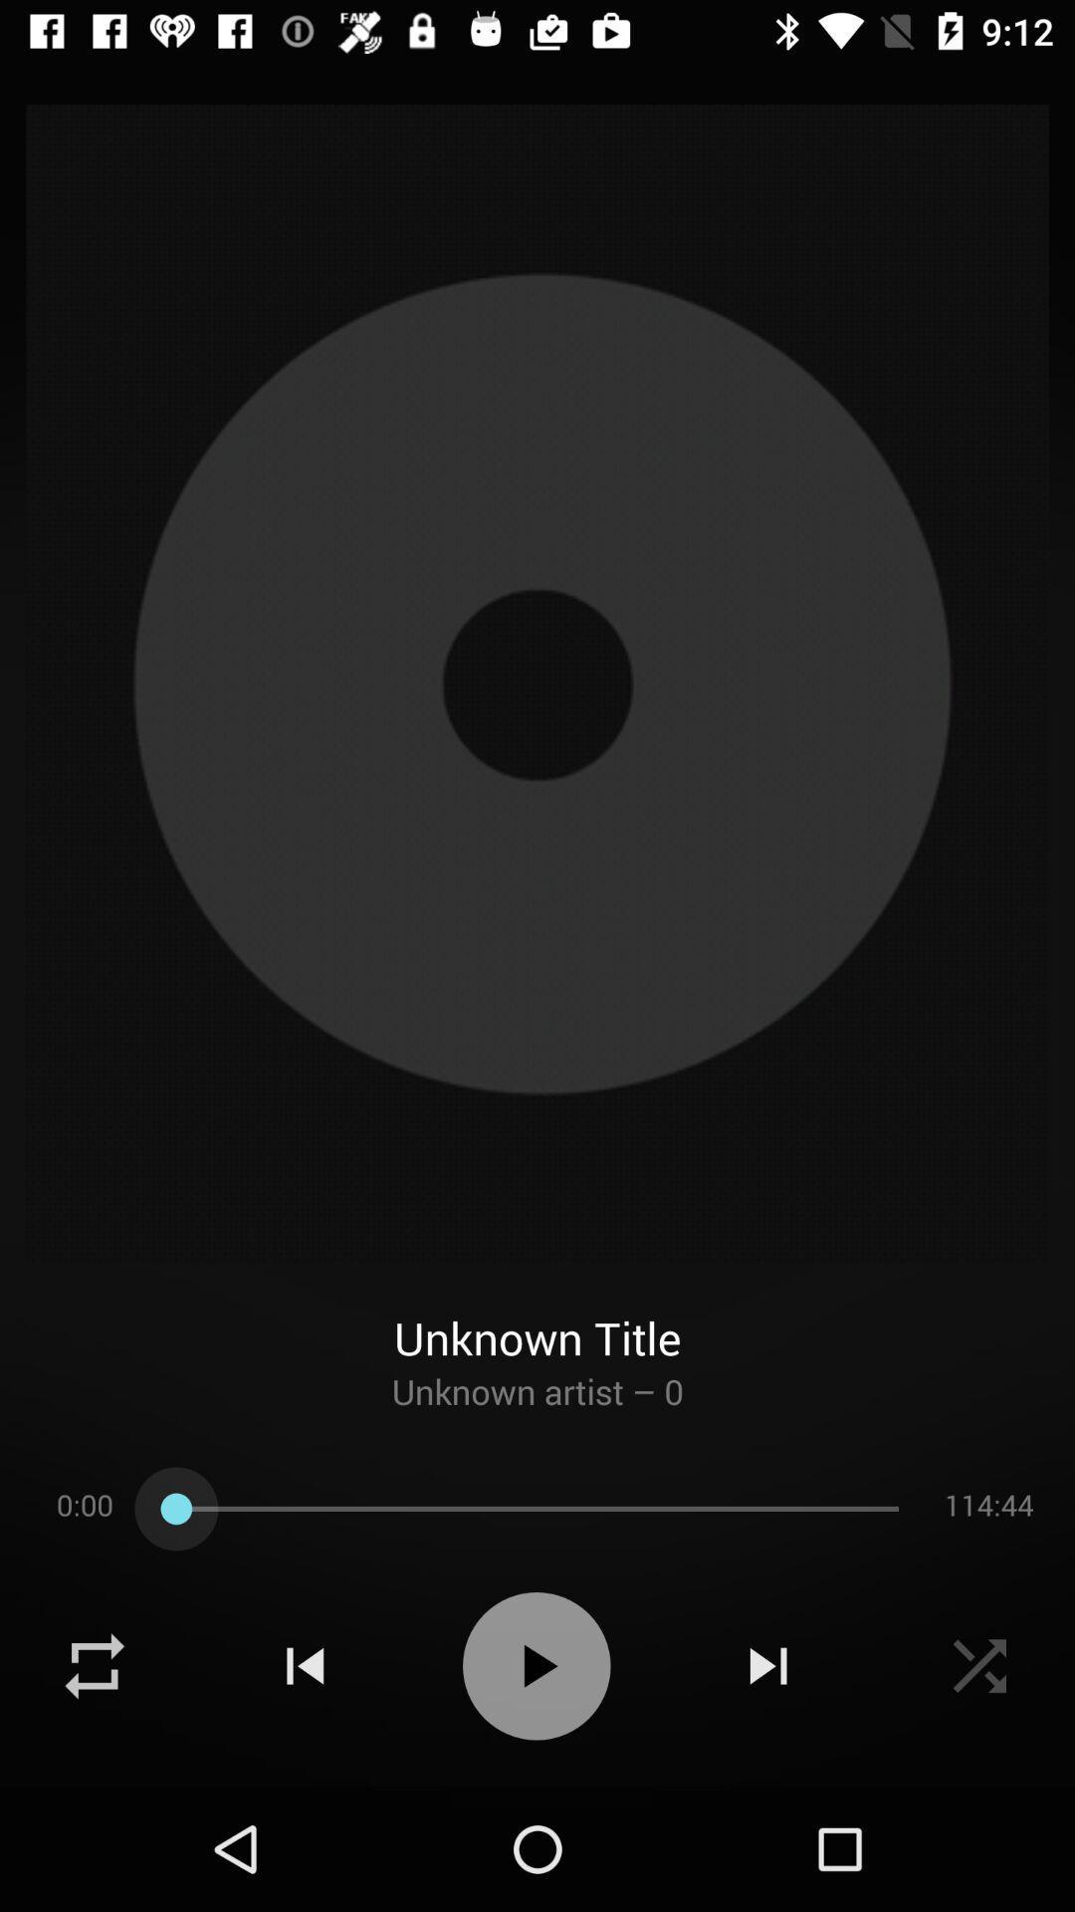 This screenshot has width=1075, height=1912. What do you see at coordinates (978, 1666) in the screenshot?
I see `the video` at bounding box center [978, 1666].